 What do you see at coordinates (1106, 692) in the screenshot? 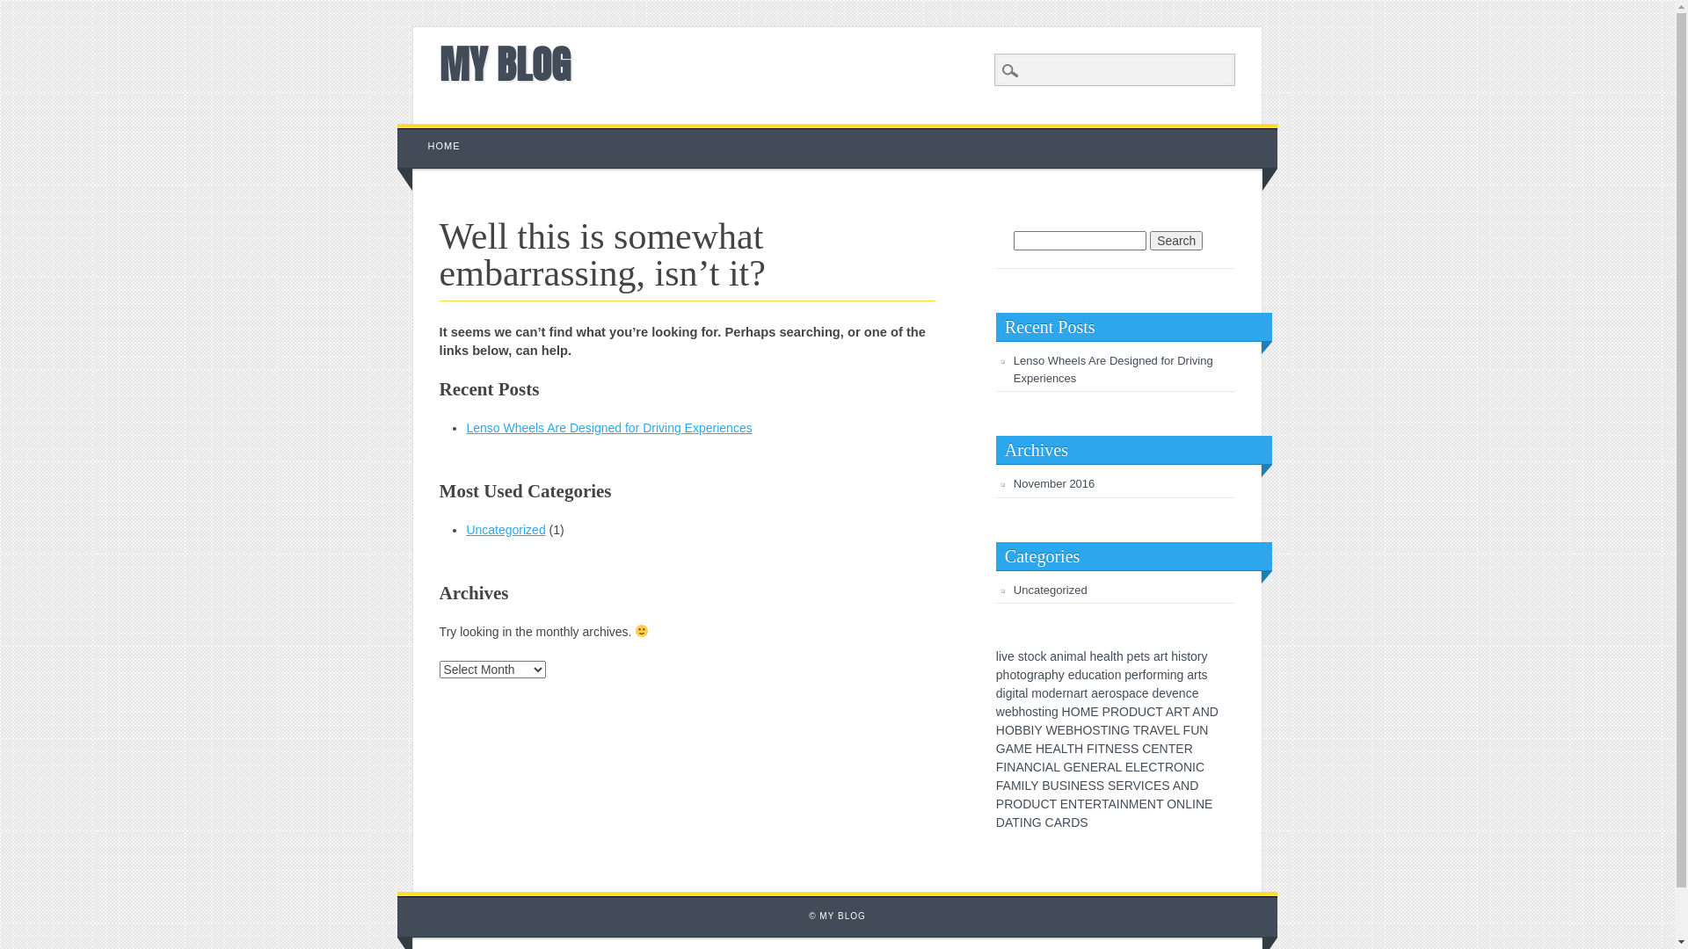
I see `'r'` at bounding box center [1106, 692].